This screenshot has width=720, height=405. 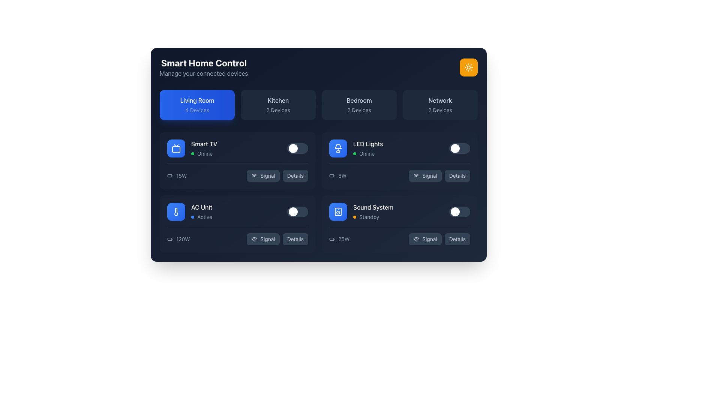 I want to click on the 'Signal' button, which features a Wi-Fi signal icon and a slate blue background with light gray text, located in the middle-right area of the interface inside the 'LED Lights' card, so click(x=439, y=176).